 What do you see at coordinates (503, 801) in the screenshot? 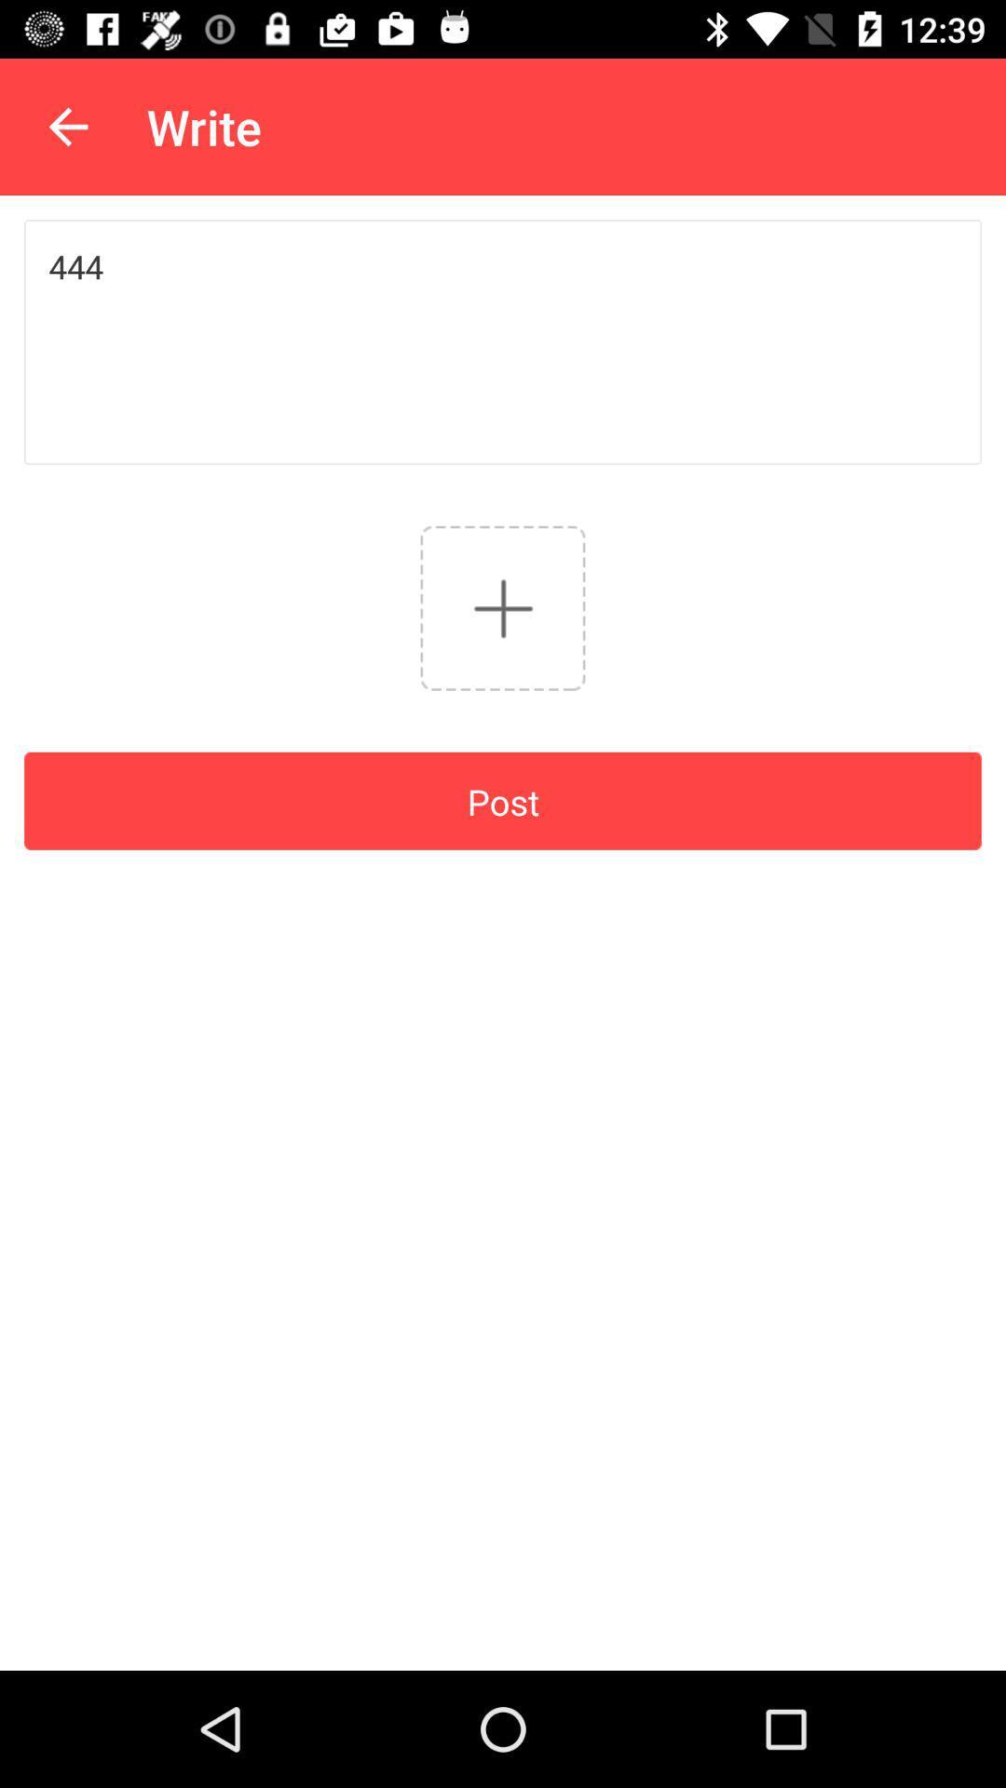
I see `post icon` at bounding box center [503, 801].